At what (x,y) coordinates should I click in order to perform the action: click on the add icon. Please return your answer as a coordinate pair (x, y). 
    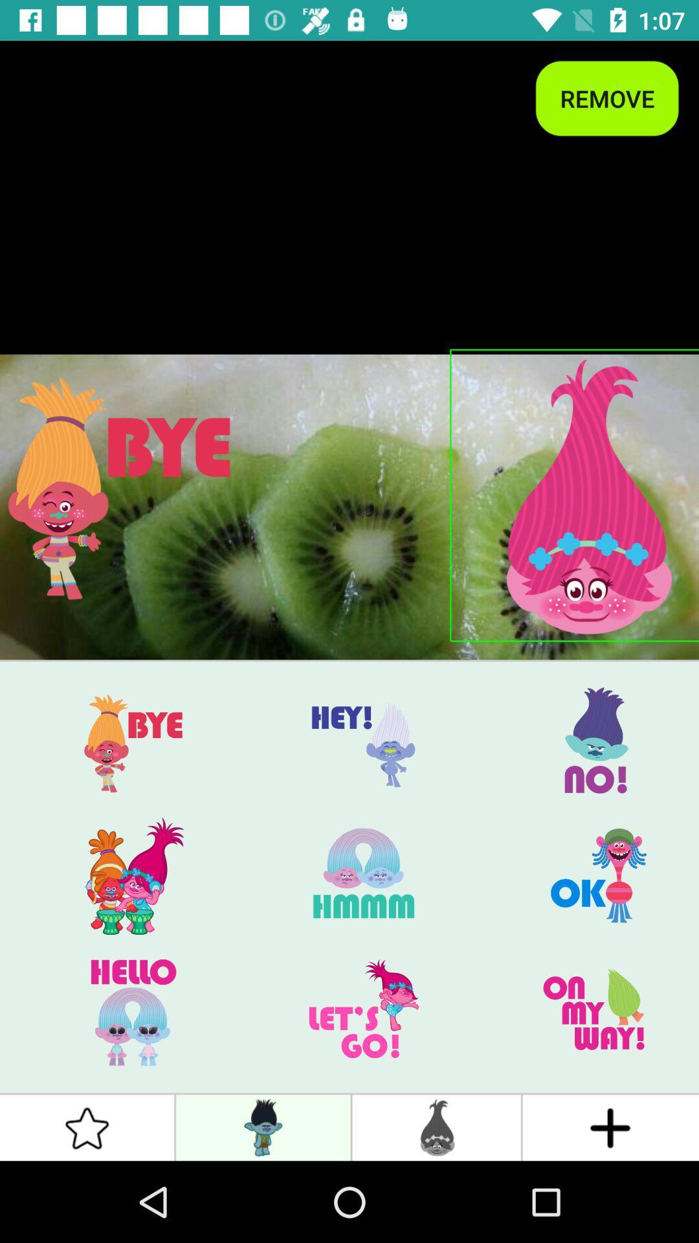
    Looking at the image, I should click on (610, 1127).